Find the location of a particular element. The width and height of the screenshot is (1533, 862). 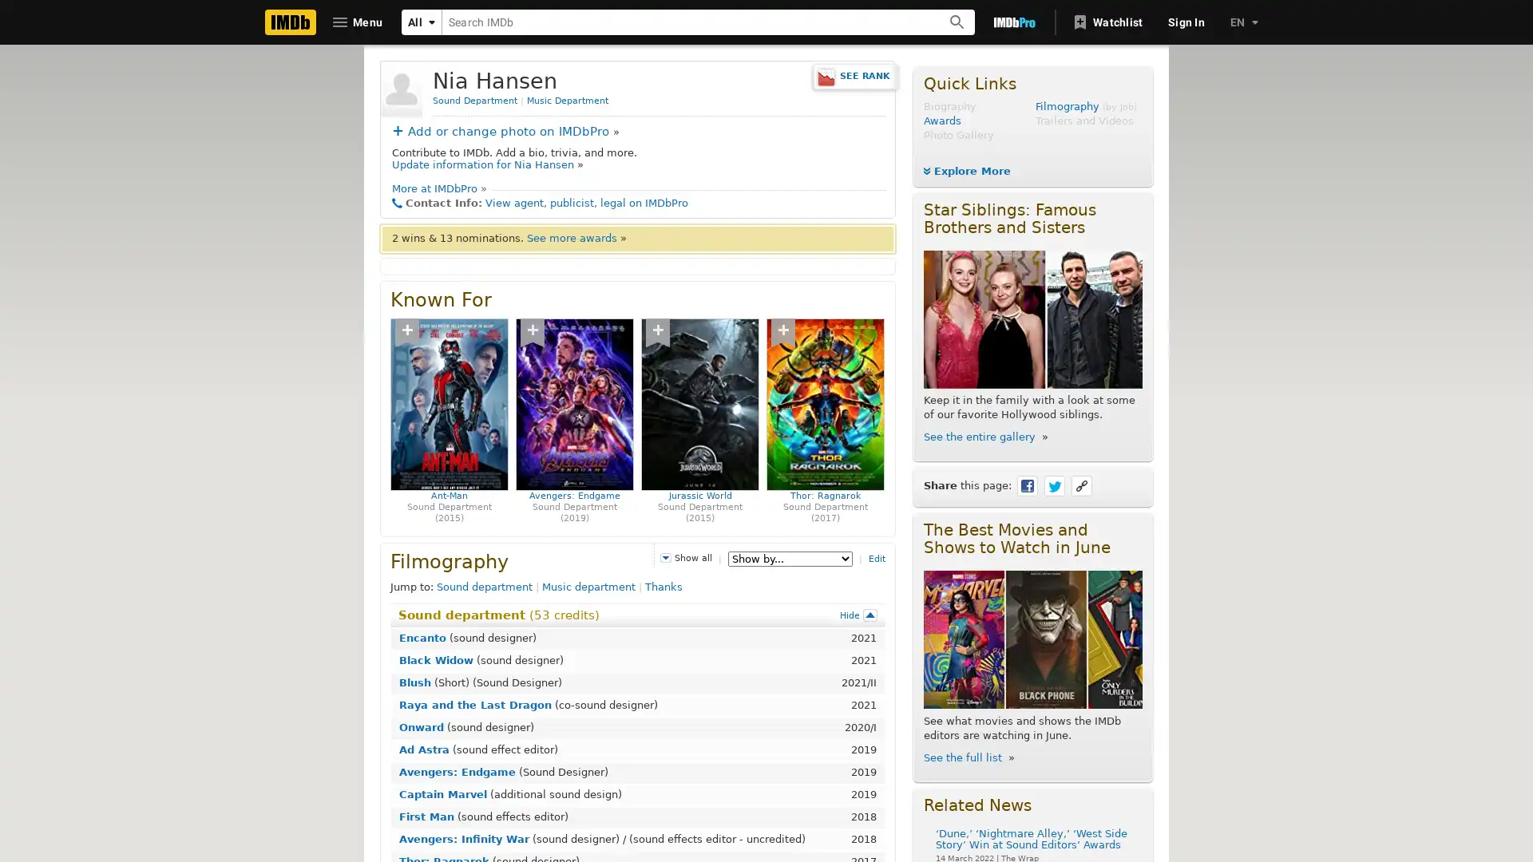

Go To IMDb Pro is located at coordinates (1013, 22).